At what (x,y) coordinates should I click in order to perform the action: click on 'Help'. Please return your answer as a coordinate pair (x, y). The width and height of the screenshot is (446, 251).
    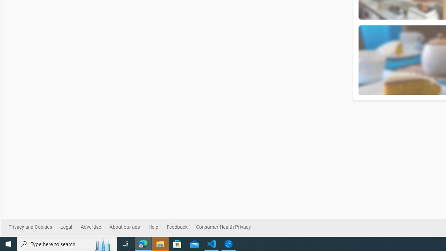
    Looking at the image, I should click on (157, 227).